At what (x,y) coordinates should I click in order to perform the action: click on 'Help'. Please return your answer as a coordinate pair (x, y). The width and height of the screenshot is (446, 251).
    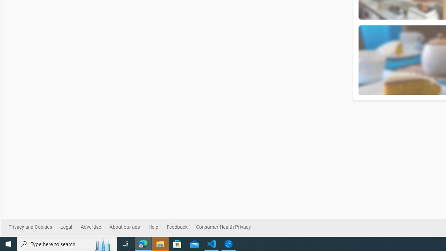
    Looking at the image, I should click on (157, 227).